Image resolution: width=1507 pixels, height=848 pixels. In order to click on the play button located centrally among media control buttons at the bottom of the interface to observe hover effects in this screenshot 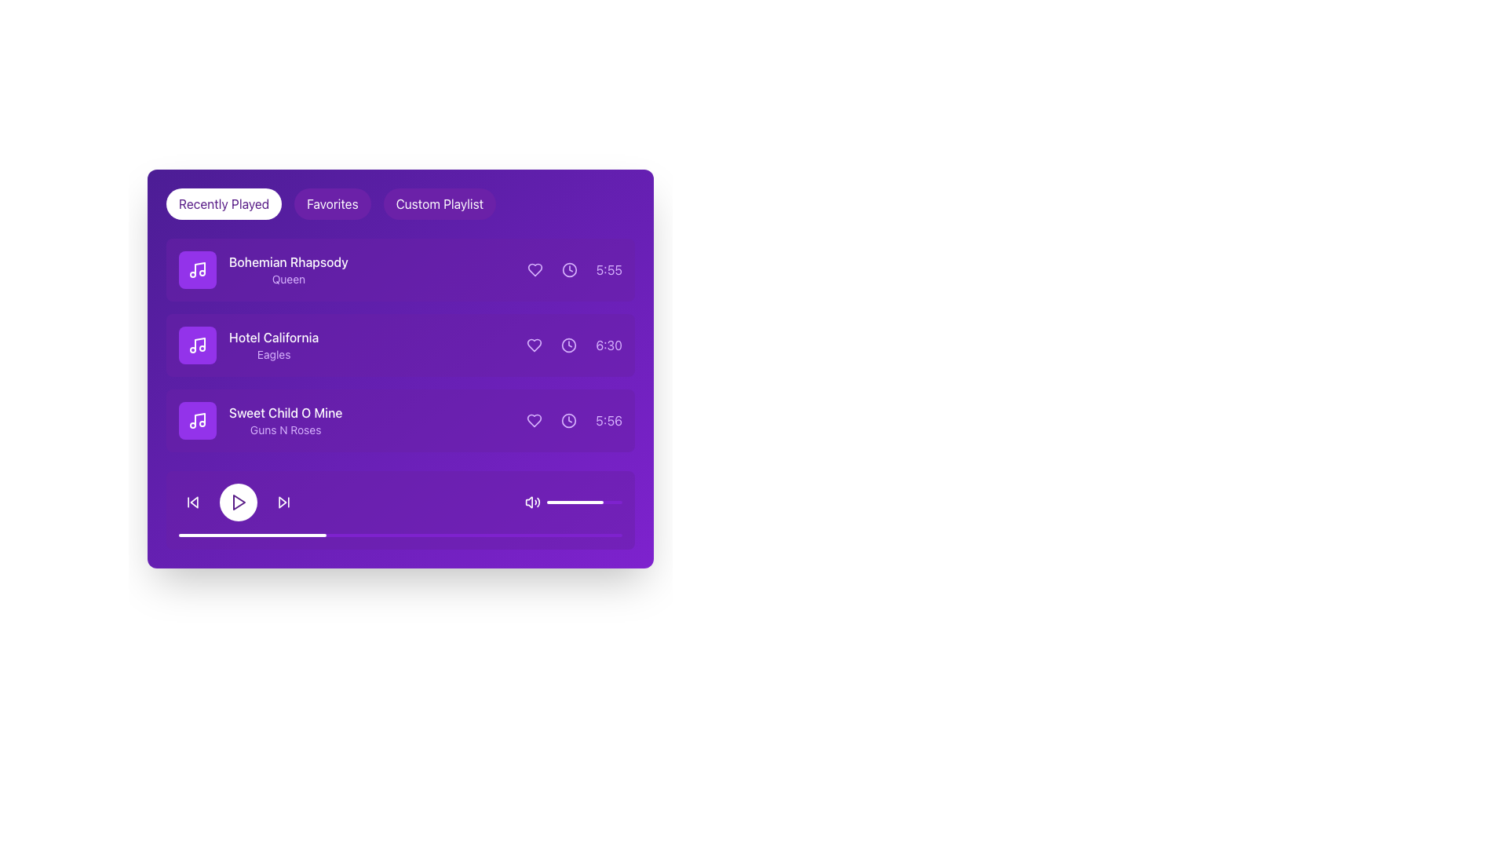, I will do `click(237, 503)`.